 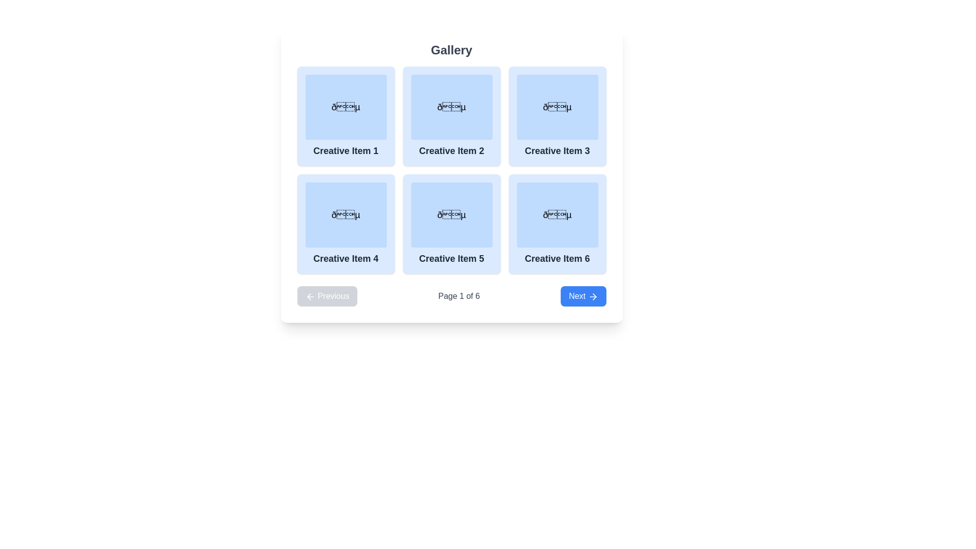 I want to click on text from the label displaying 'Creative Item 5', which is styled in bold dark gray and is located in the bottom row of the gallery layout as the second item, so click(x=451, y=258).